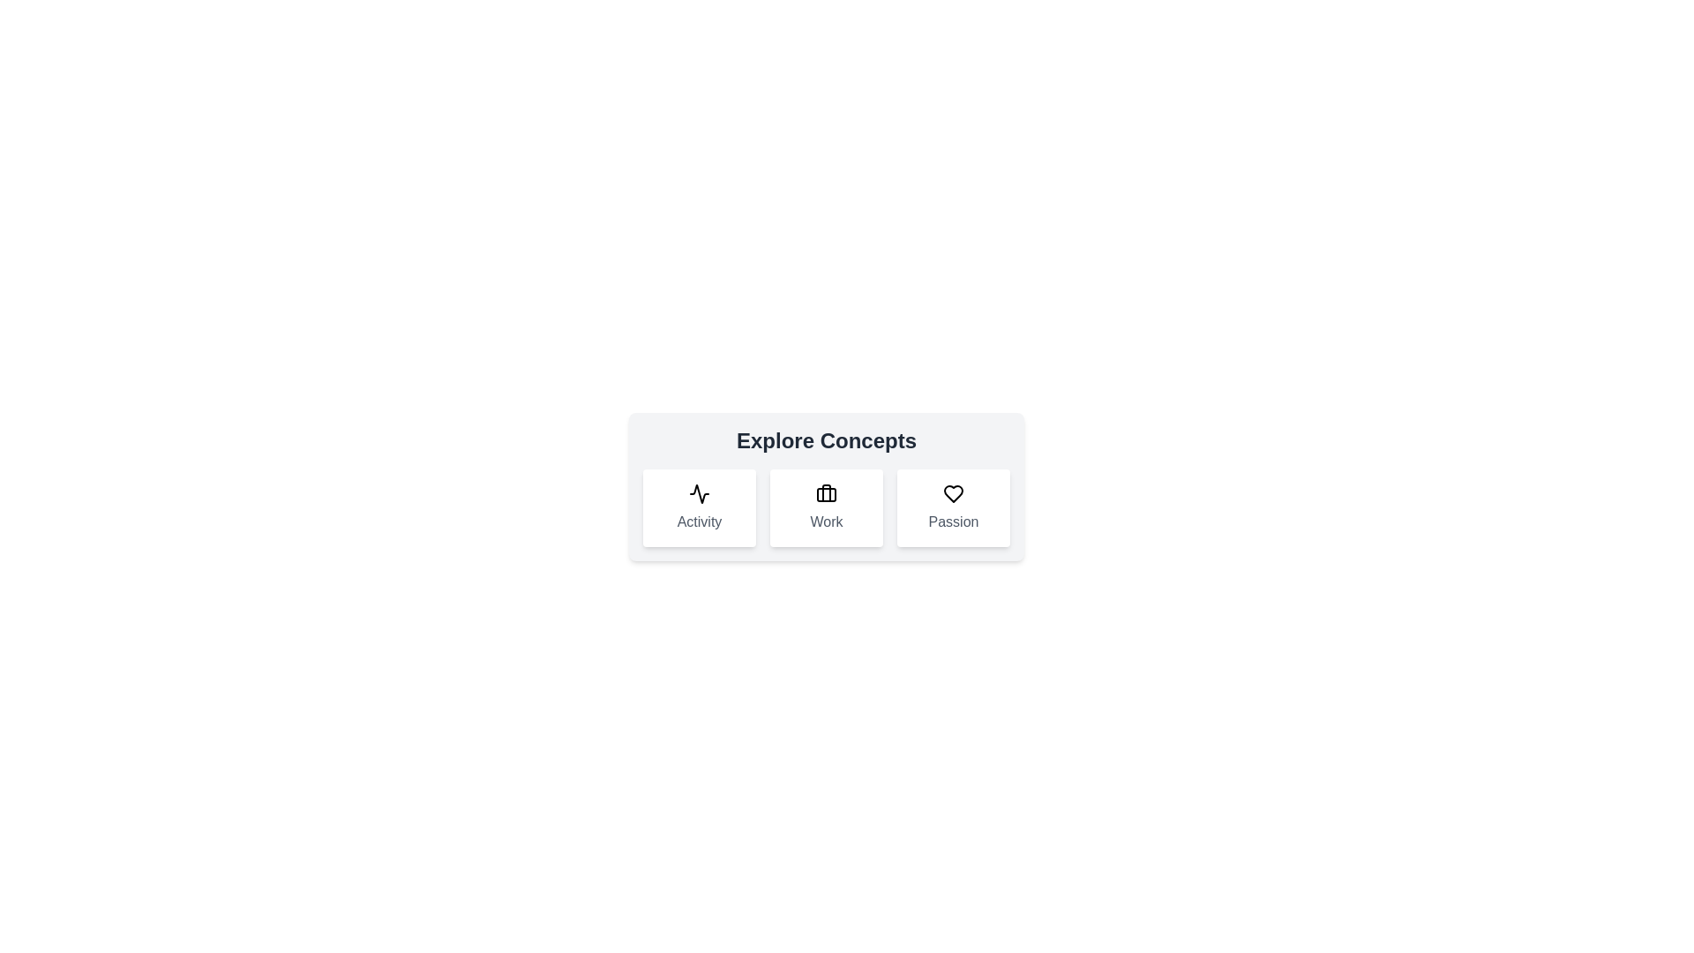  Describe the element at coordinates (698, 521) in the screenshot. I see `the text label that provides context about the card it resides in, located below the activity icon in the 'Activity' card under 'Explore Concepts'` at that location.